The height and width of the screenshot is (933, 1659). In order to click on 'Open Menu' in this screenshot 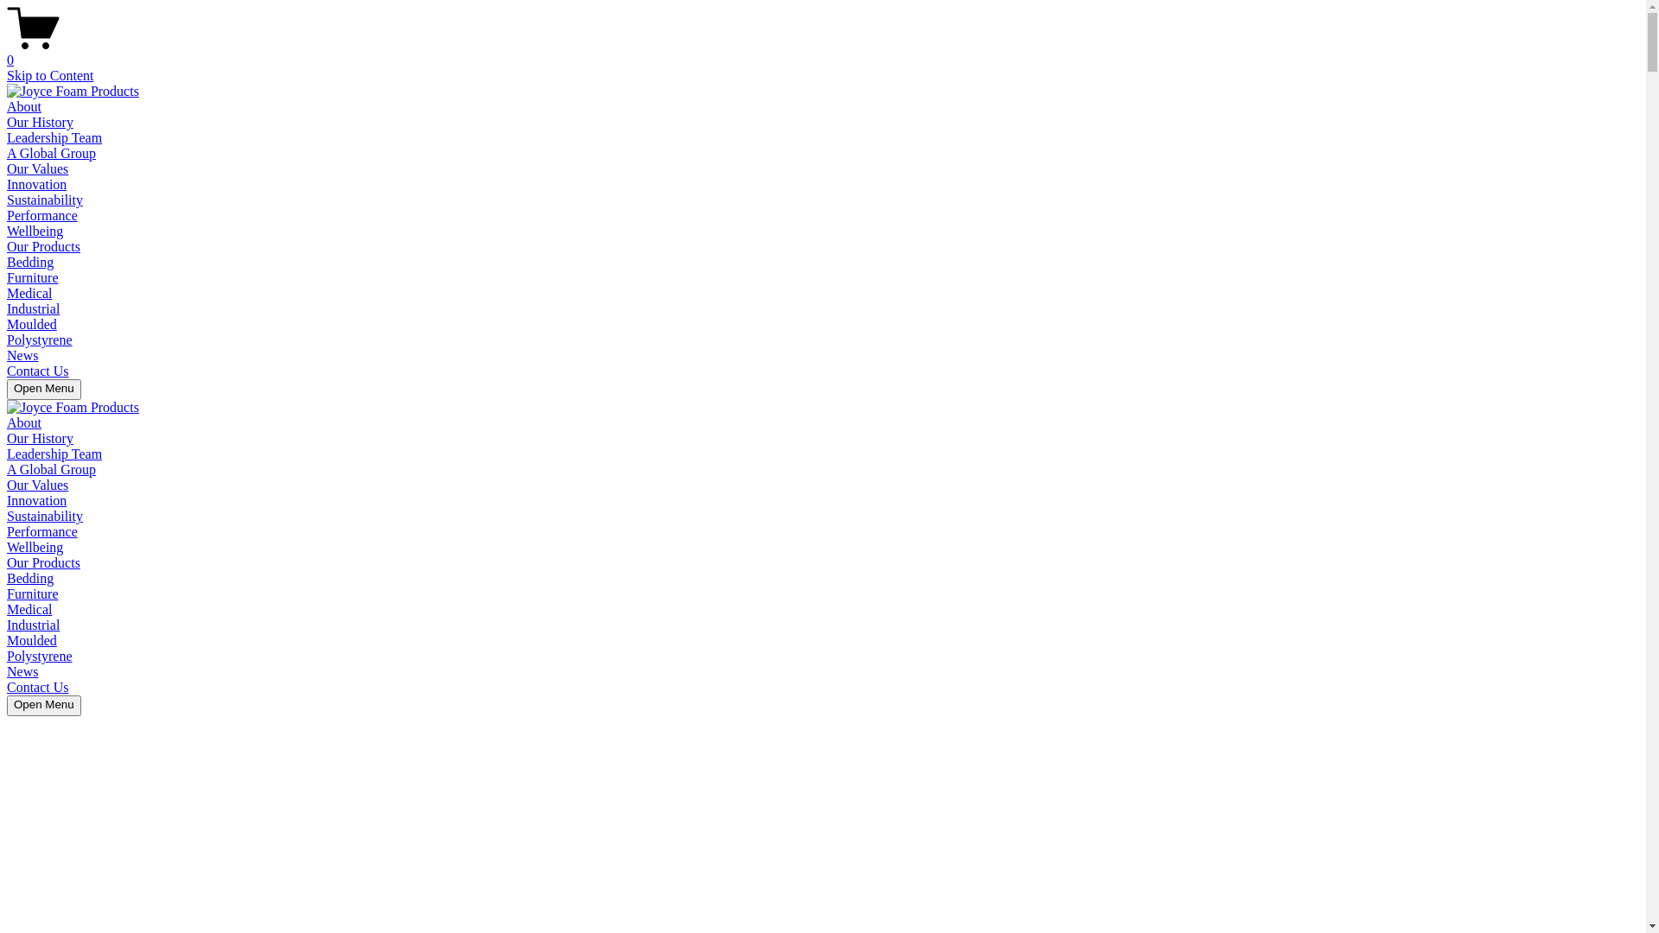, I will do `click(44, 390)`.